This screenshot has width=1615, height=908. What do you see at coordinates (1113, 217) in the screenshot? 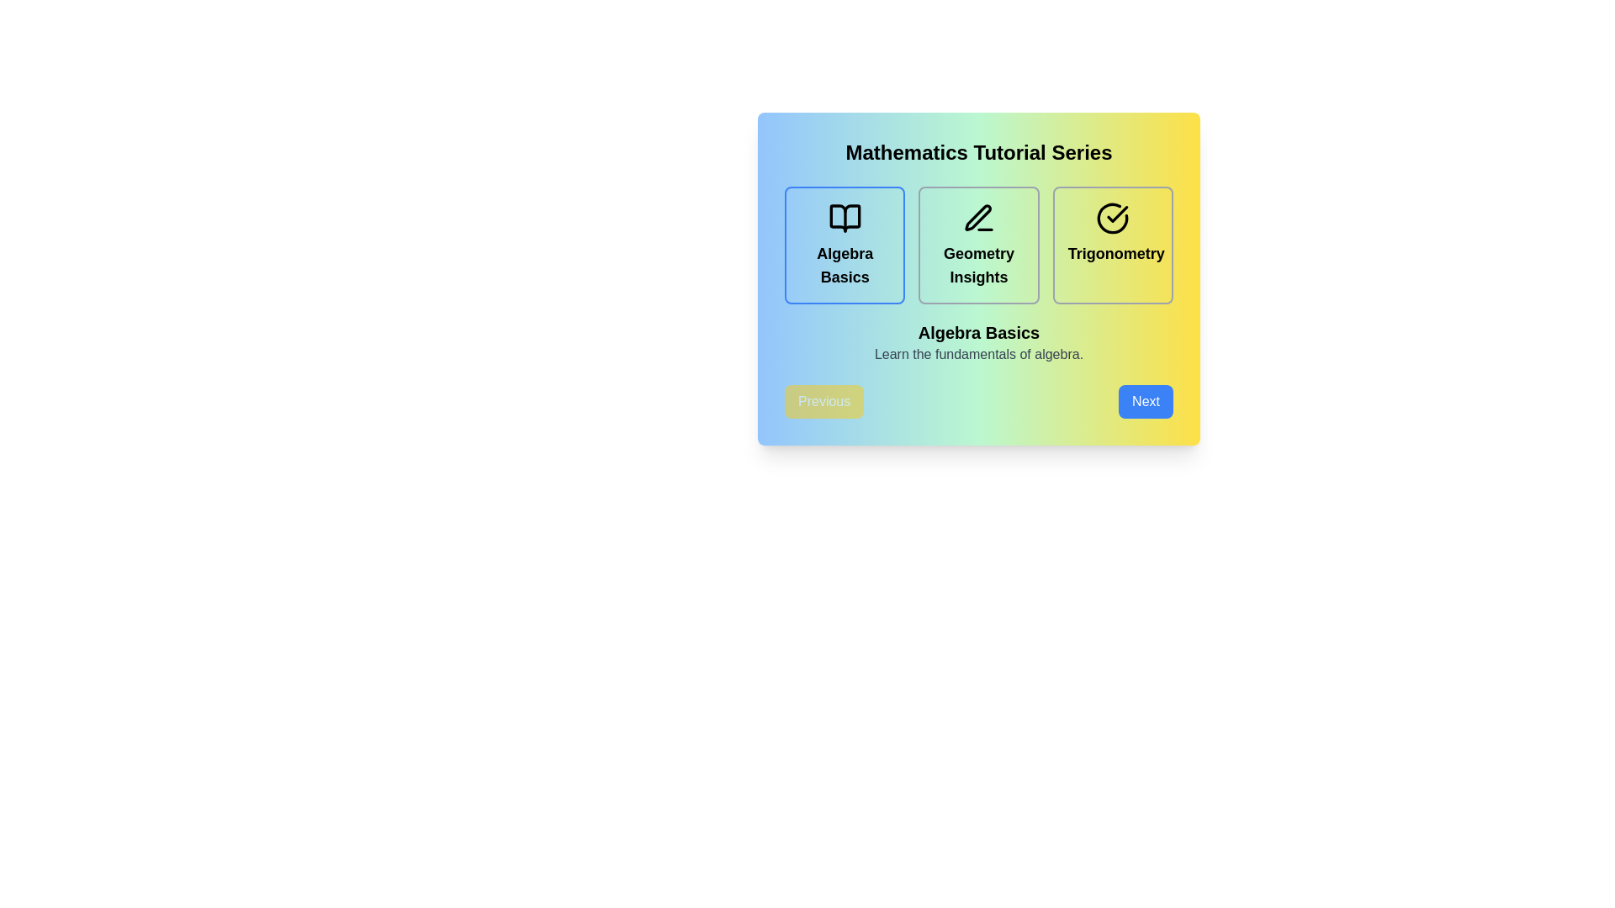
I see `the icon associated with the lesson titled Trigonometry` at bounding box center [1113, 217].